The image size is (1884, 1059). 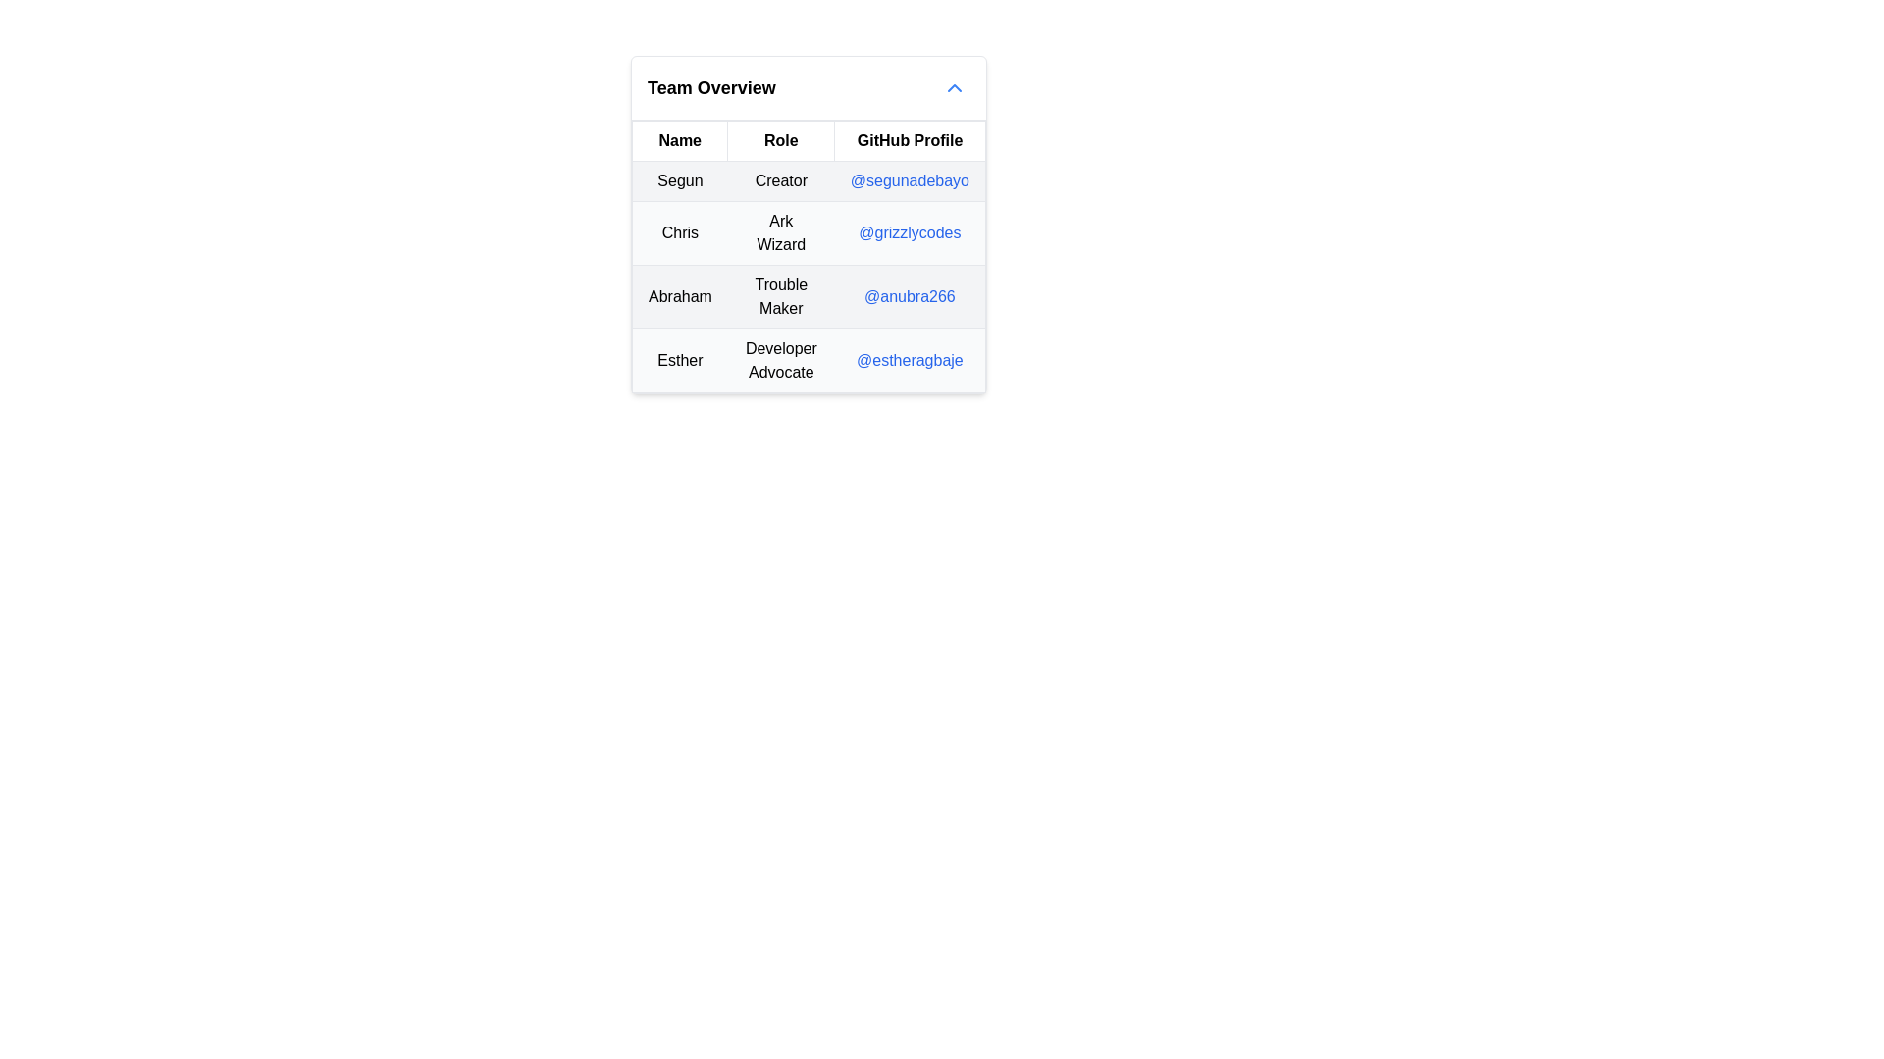 What do you see at coordinates (908, 181) in the screenshot?
I see `the blue, underlined hyperlink displaying '@segunadebayo' located in the 'GitHub Profile' column under the 'Segun' row to visit the GitHub profile` at bounding box center [908, 181].